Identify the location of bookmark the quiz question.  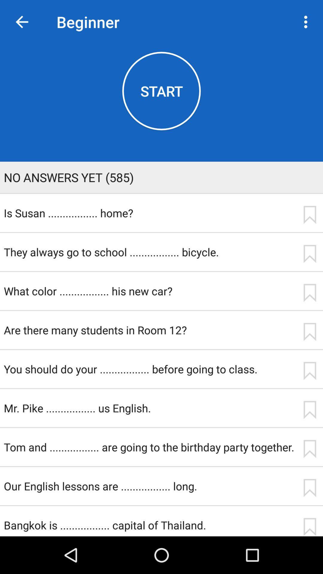
(310, 527).